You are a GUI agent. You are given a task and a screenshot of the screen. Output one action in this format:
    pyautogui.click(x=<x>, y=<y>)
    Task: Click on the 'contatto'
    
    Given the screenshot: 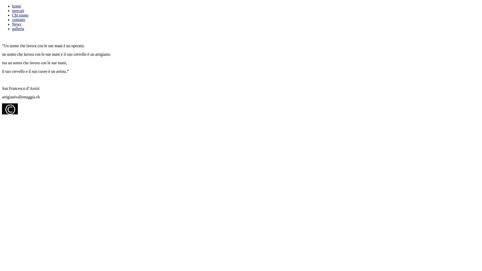 What is the action you would take?
    pyautogui.click(x=12, y=19)
    